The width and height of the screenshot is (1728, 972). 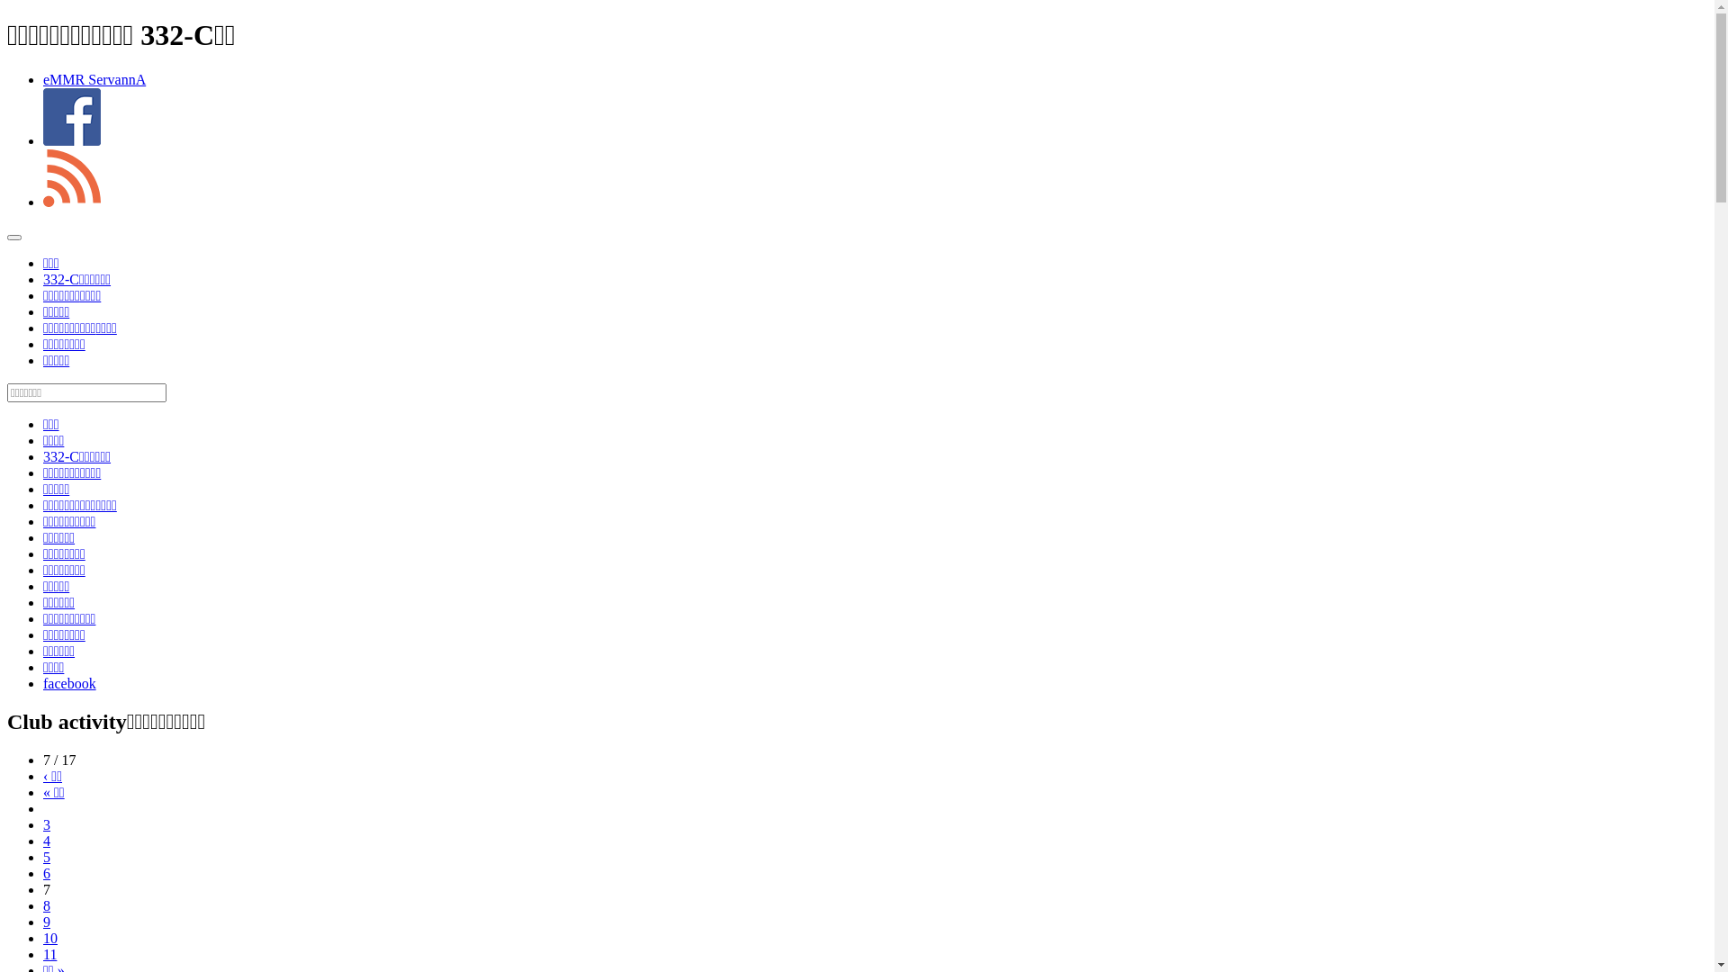 What do you see at coordinates (43, 922) in the screenshot?
I see `'9'` at bounding box center [43, 922].